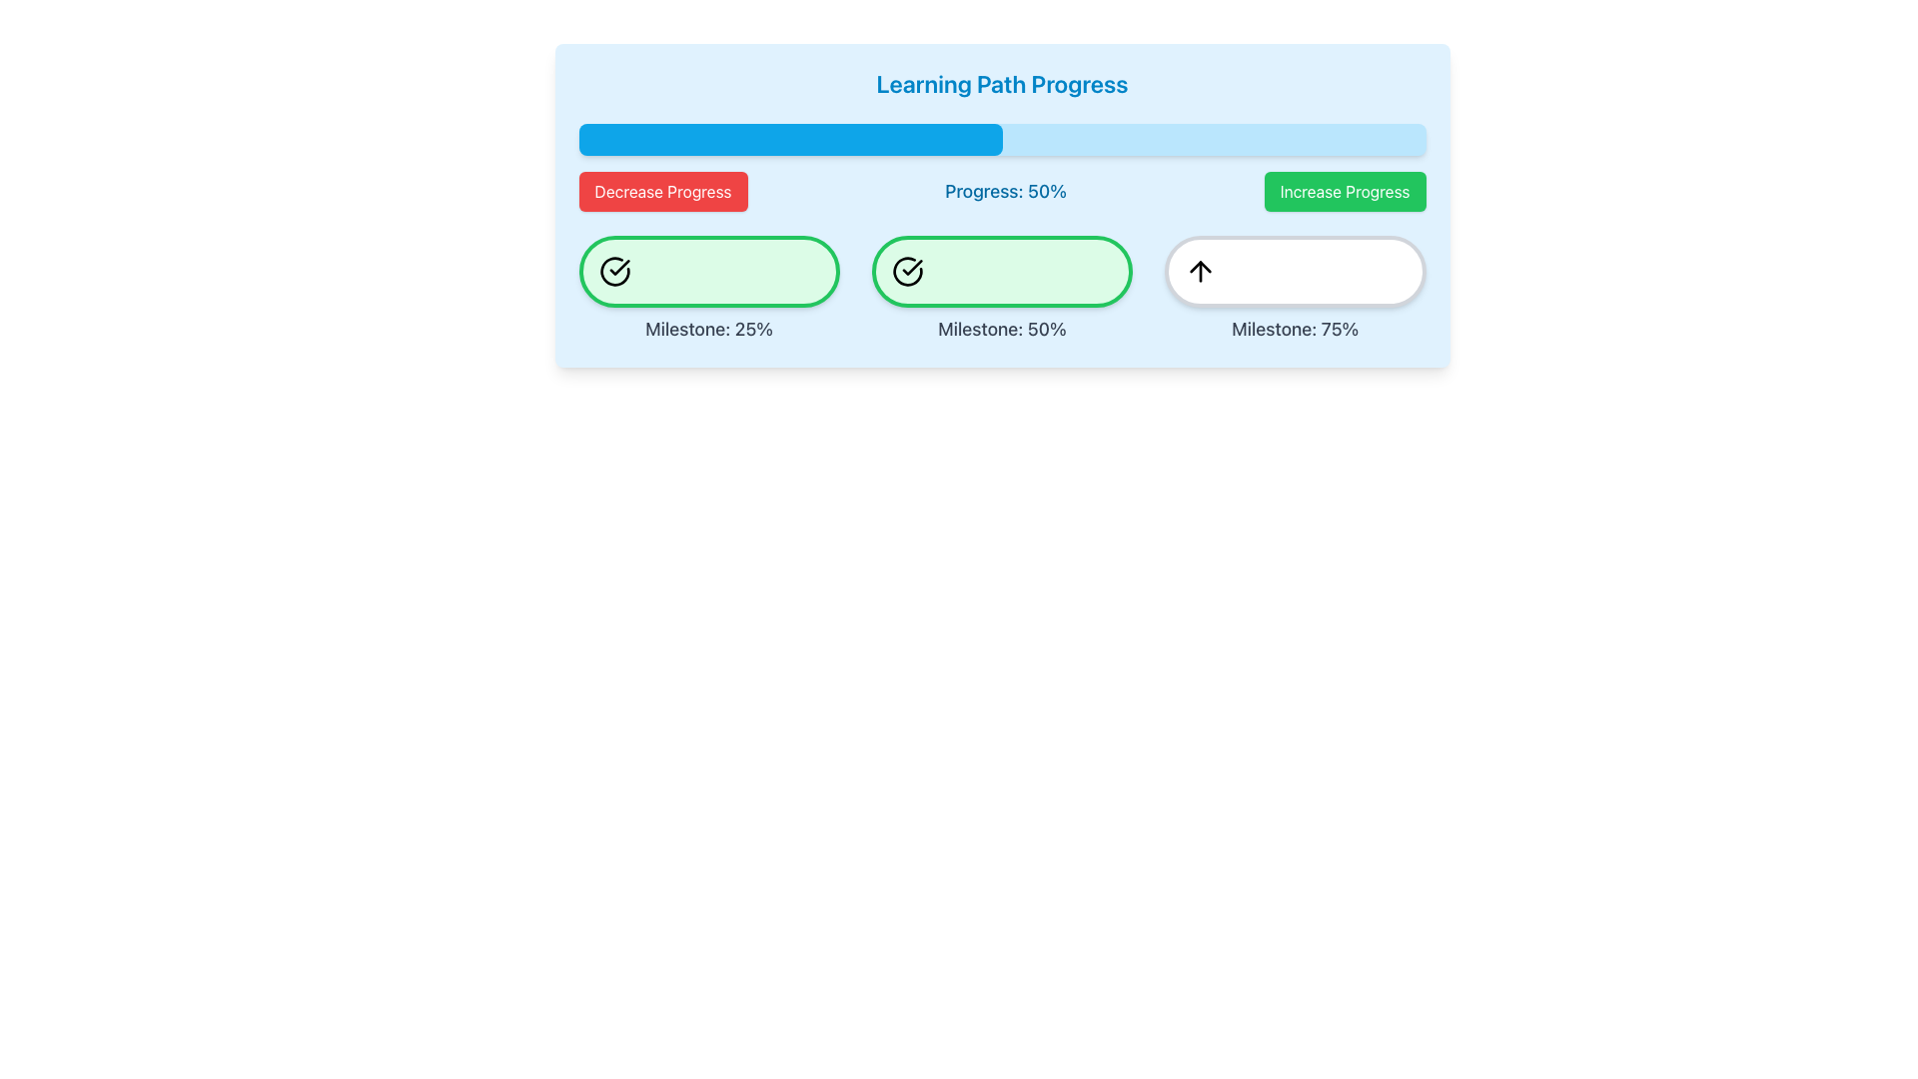 This screenshot has height=1079, width=1918. I want to click on the decrement button located in the upper-left portion below the progress bar, so click(662, 192).